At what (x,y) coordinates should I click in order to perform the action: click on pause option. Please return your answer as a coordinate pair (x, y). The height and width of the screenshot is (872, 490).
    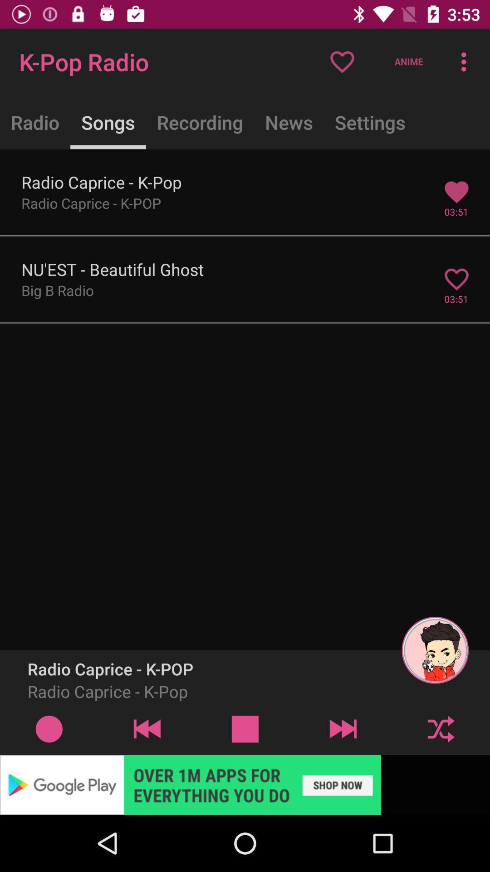
    Looking at the image, I should click on (245, 728).